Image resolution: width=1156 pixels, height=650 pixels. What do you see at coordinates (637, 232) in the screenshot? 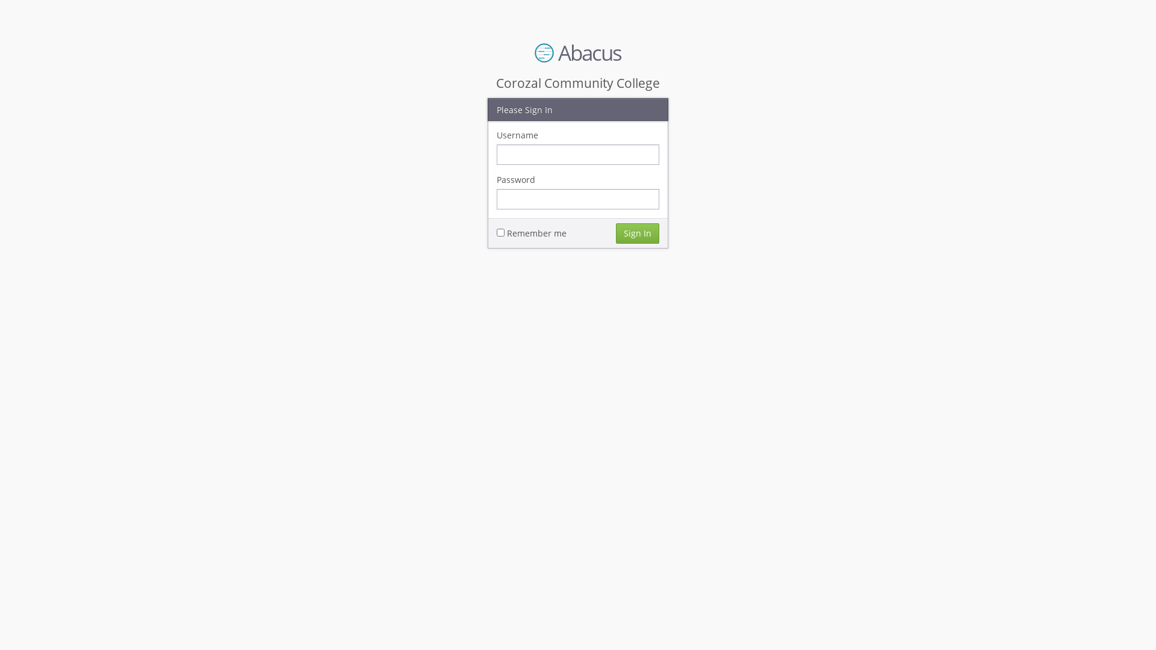
I see `'Sign In'` at bounding box center [637, 232].